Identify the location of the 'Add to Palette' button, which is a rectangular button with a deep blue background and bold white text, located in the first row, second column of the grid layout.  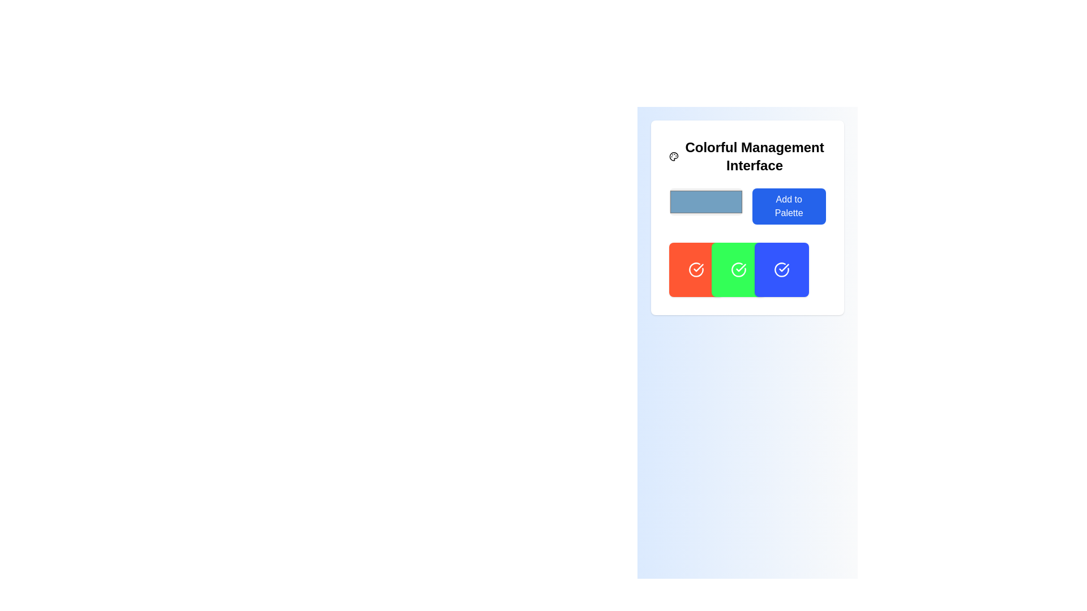
(788, 206).